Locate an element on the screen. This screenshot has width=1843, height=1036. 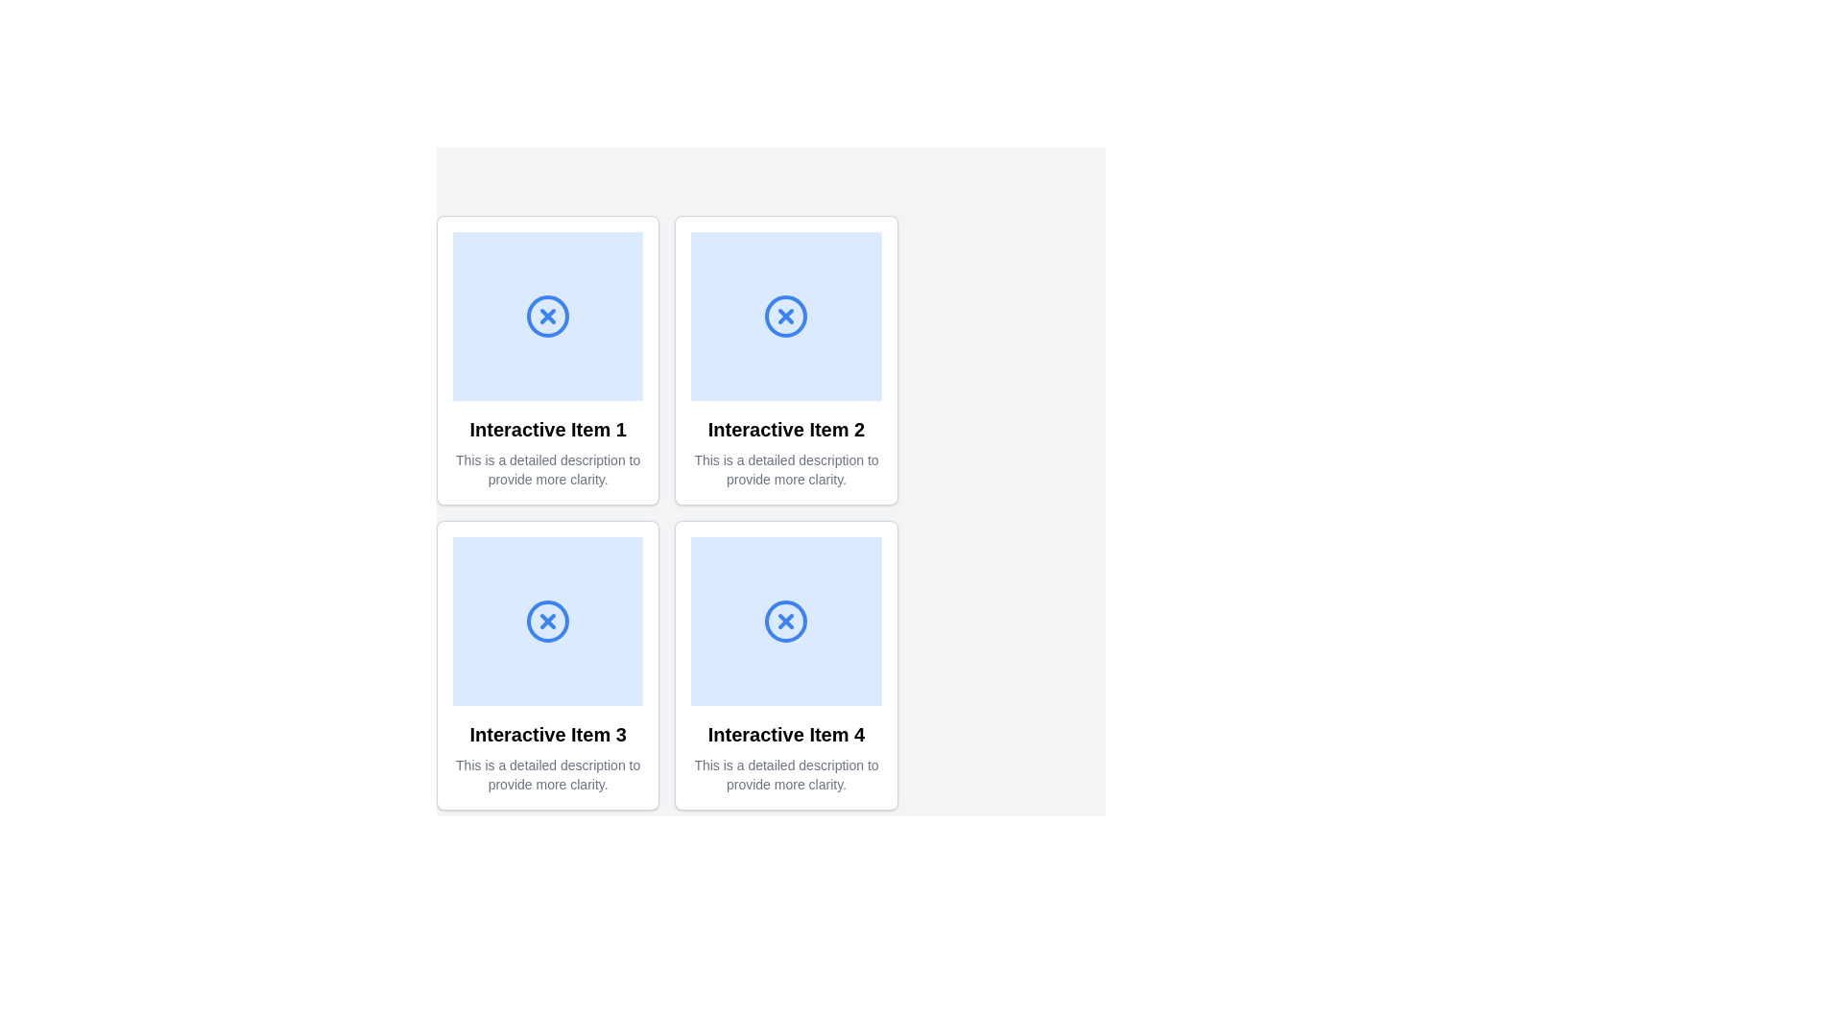
the radius of the circular element is located at coordinates (845, 316).